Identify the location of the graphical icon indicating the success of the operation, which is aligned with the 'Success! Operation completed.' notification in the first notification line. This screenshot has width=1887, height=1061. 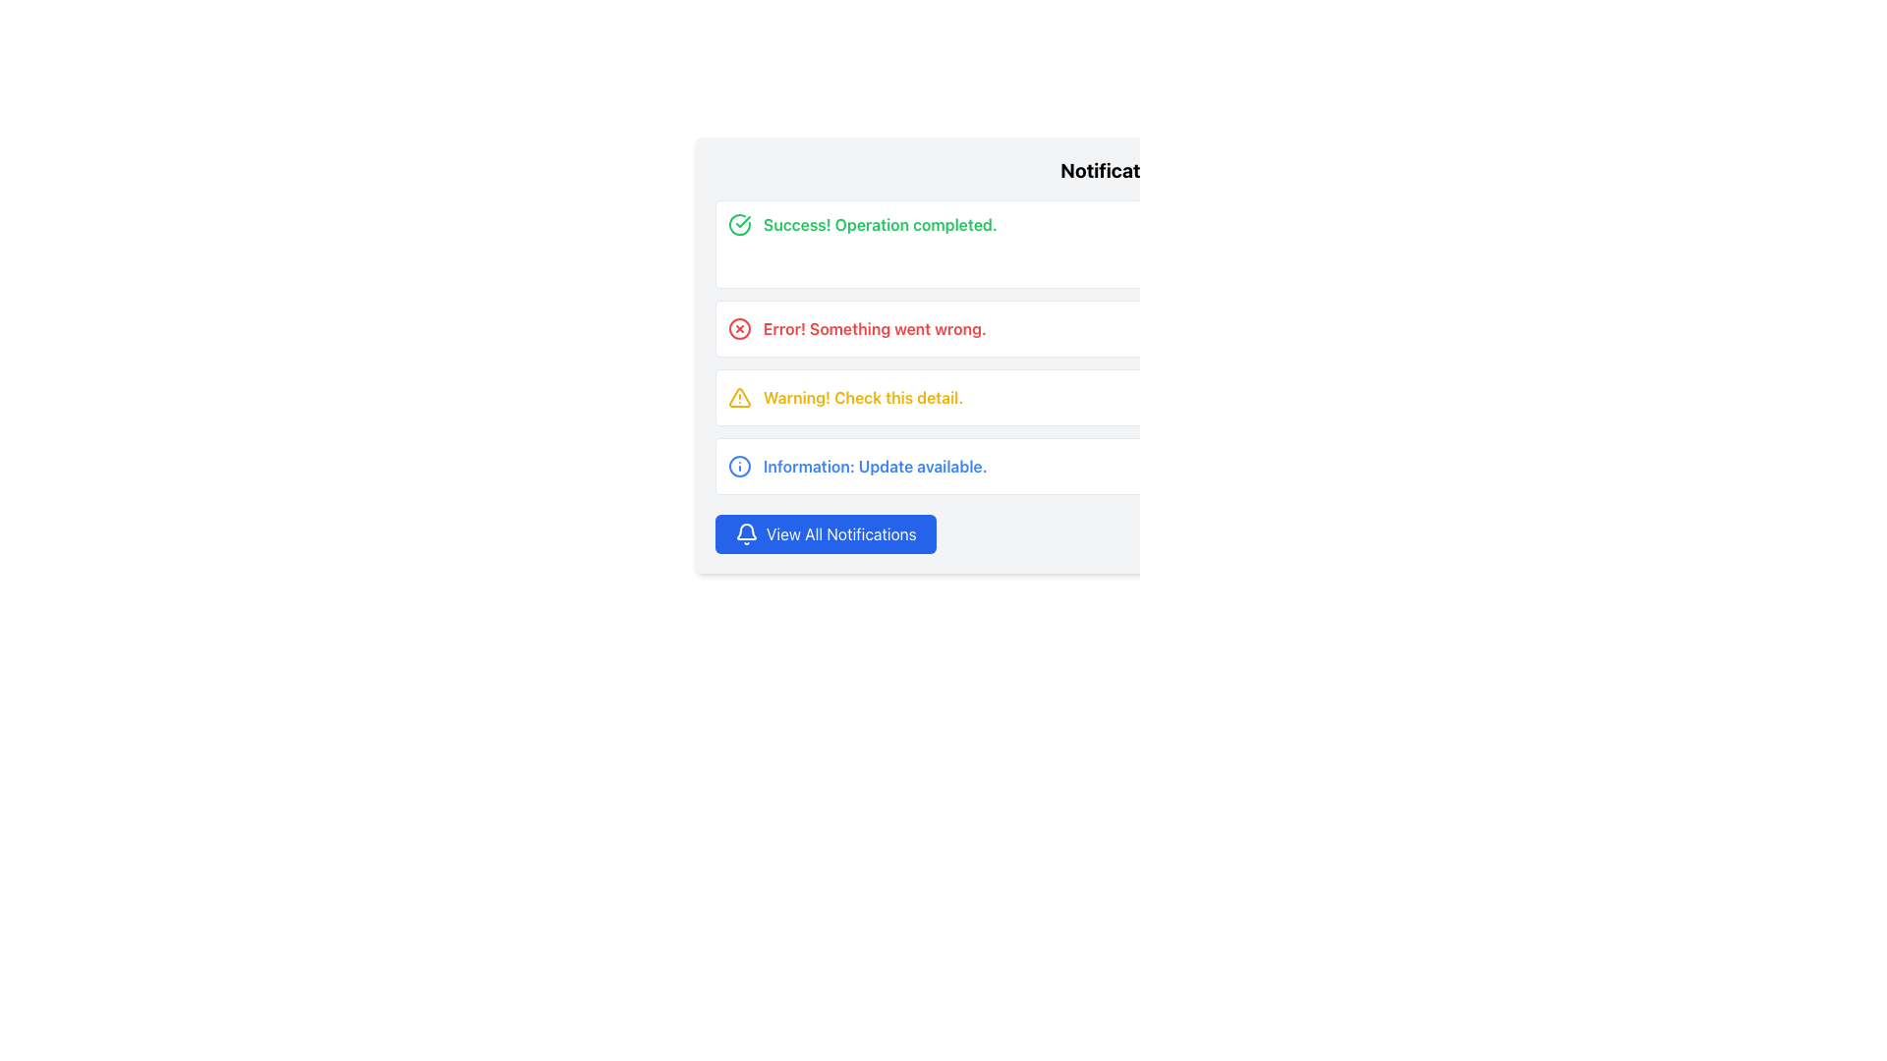
(739, 223).